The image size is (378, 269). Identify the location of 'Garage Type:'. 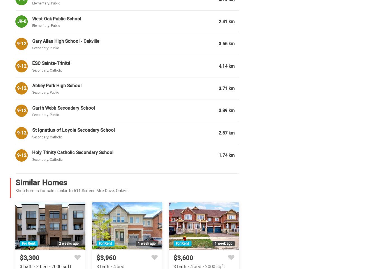
(29, 60).